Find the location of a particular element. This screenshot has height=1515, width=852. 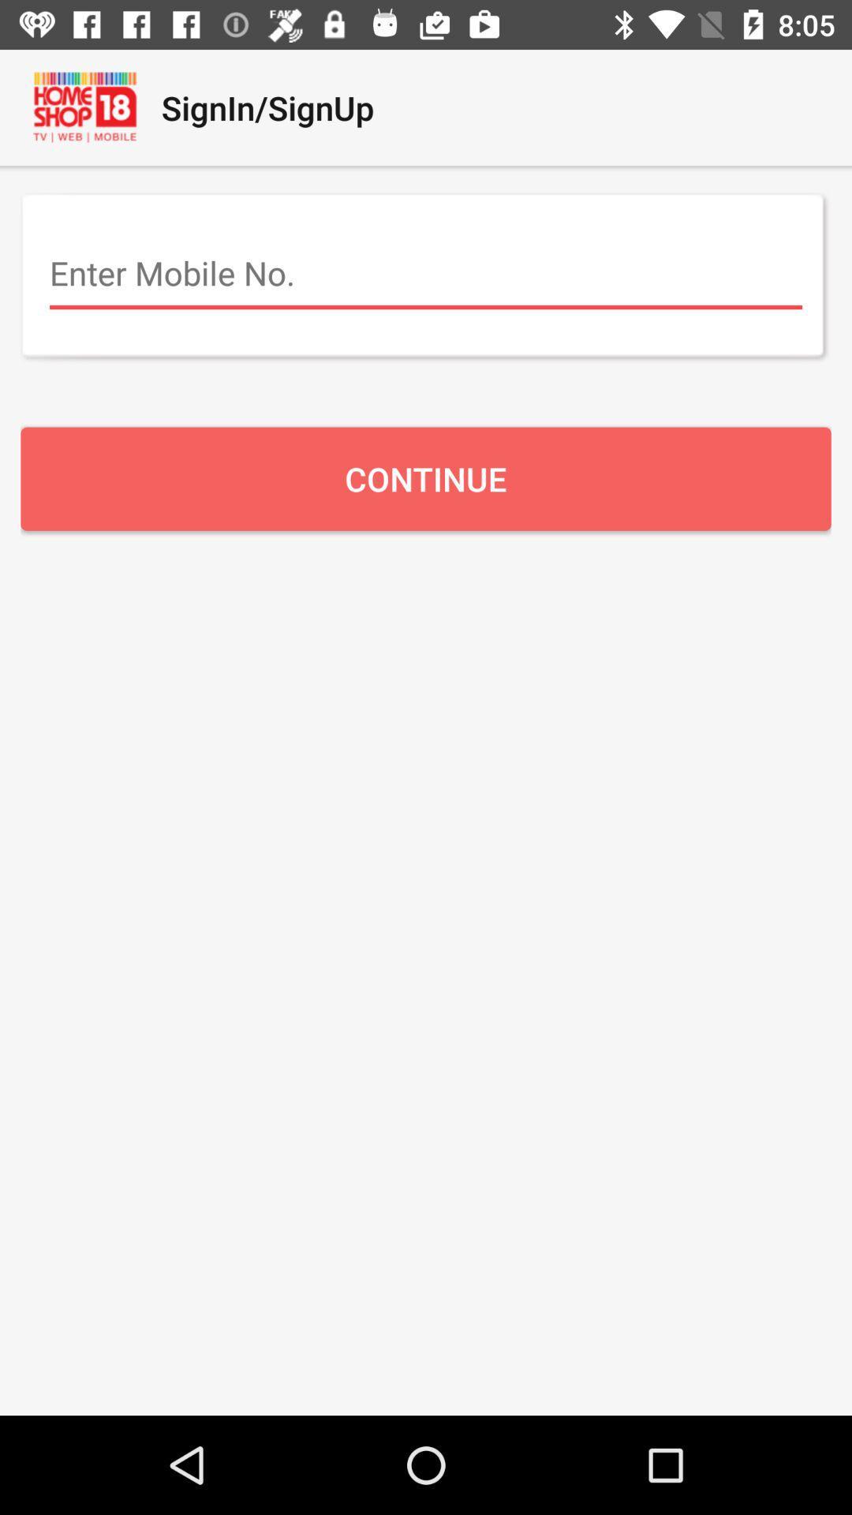

the continue is located at coordinates (426, 478).